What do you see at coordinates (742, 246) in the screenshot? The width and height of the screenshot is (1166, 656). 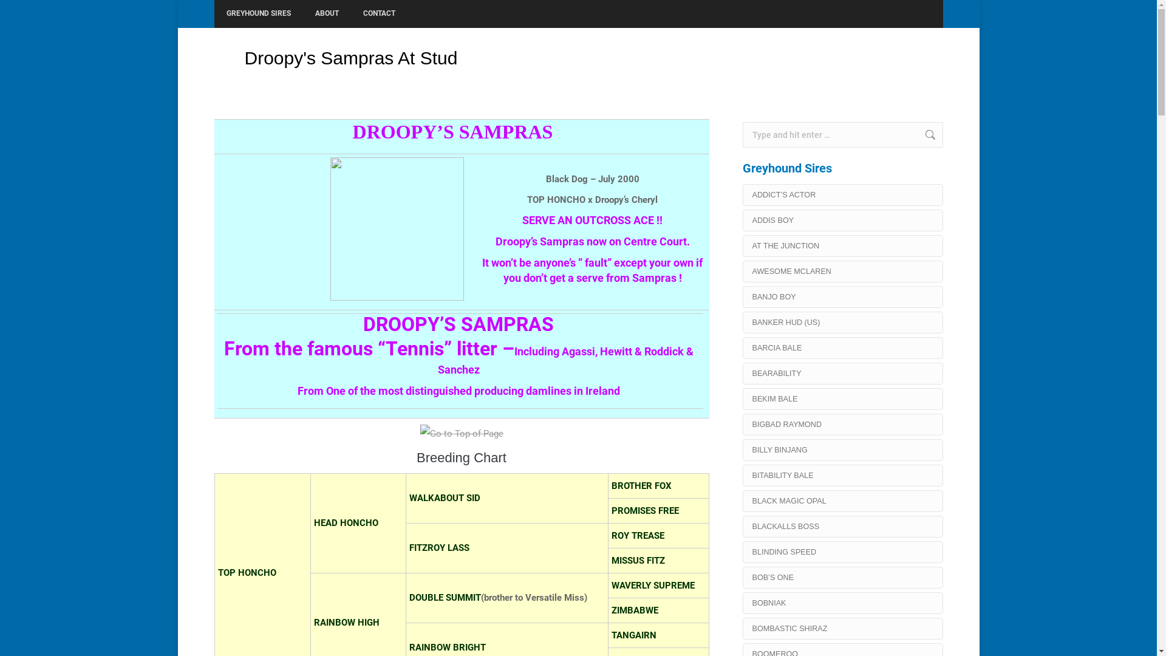 I see `'AT THE JUNCTION'` at bounding box center [742, 246].